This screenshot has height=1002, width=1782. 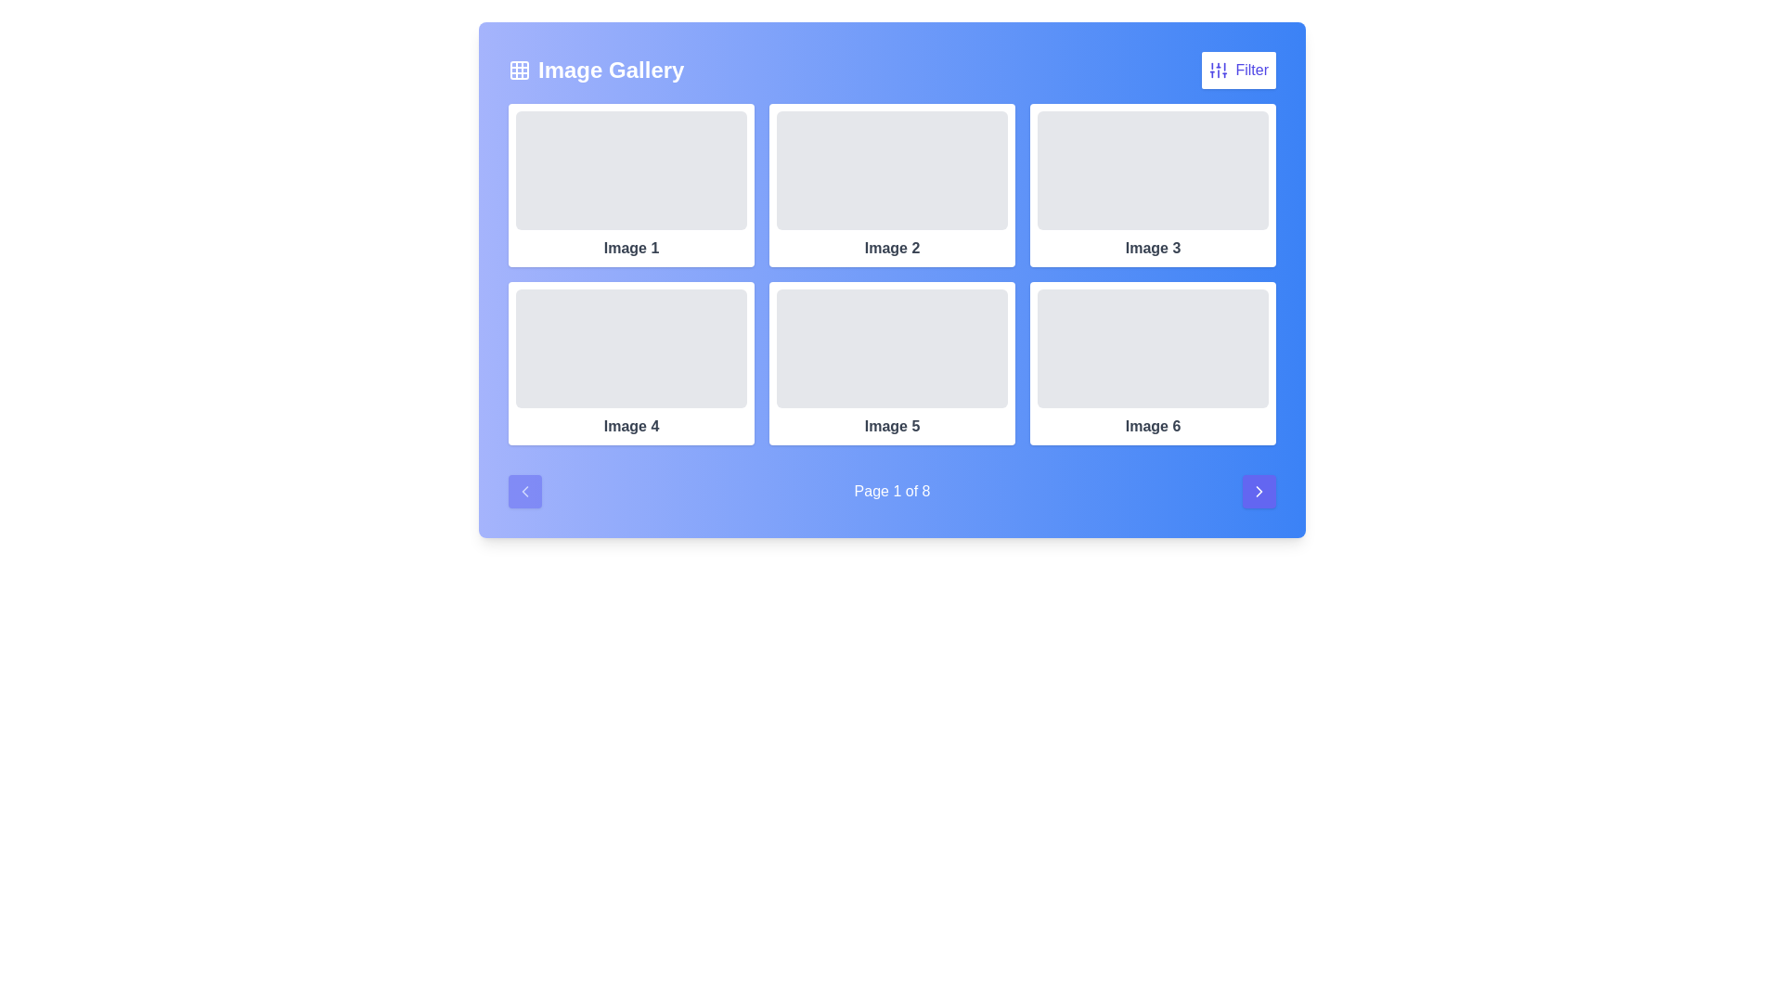 What do you see at coordinates (1259, 490) in the screenshot?
I see `the indigo-blue button with a white arrow icon` at bounding box center [1259, 490].